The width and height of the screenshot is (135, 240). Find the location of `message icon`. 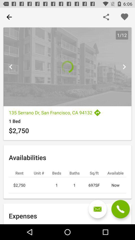

message icon is located at coordinates (97, 209).